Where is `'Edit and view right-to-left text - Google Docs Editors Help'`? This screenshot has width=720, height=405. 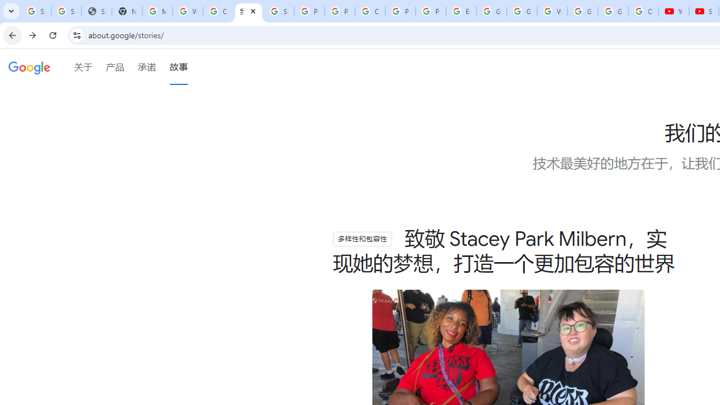
'Edit and view right-to-left text - Google Docs Editors Help' is located at coordinates (461, 11).